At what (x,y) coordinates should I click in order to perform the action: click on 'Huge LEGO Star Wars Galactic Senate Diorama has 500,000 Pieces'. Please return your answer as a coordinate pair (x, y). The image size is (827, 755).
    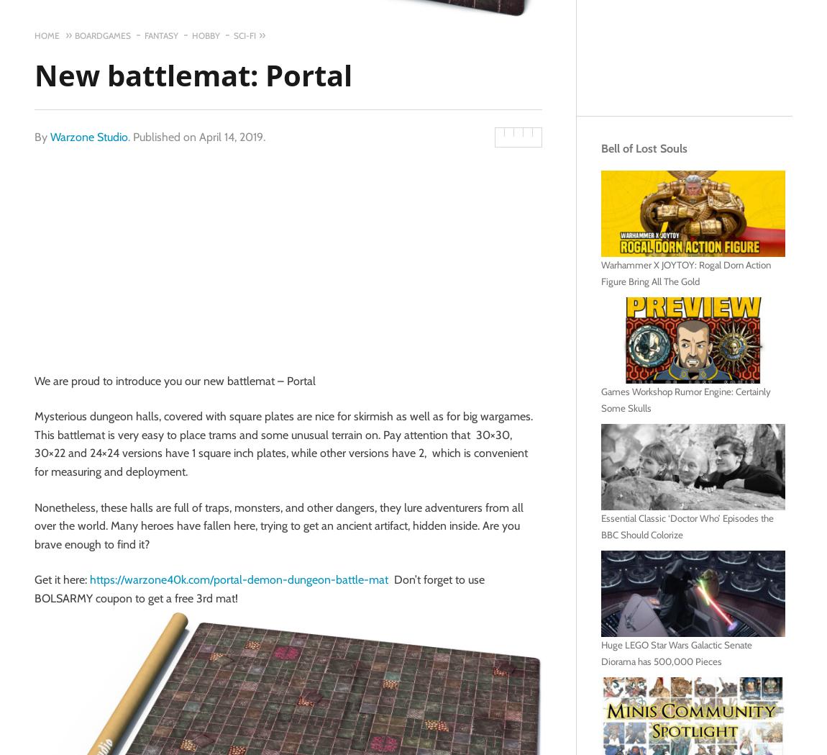
    Looking at the image, I should click on (677, 652).